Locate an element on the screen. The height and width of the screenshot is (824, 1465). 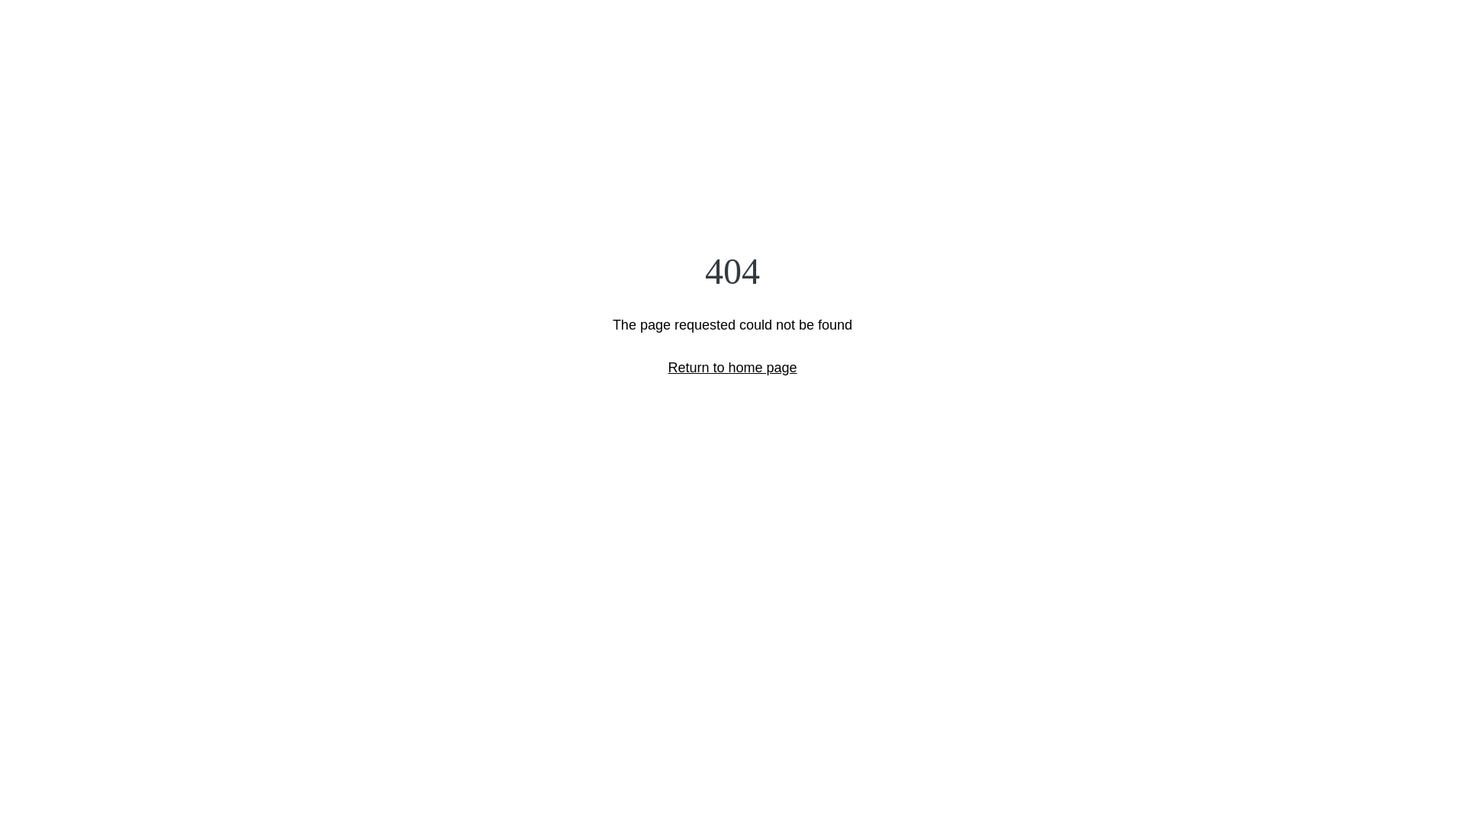
'Return to home page' is located at coordinates (731, 368).